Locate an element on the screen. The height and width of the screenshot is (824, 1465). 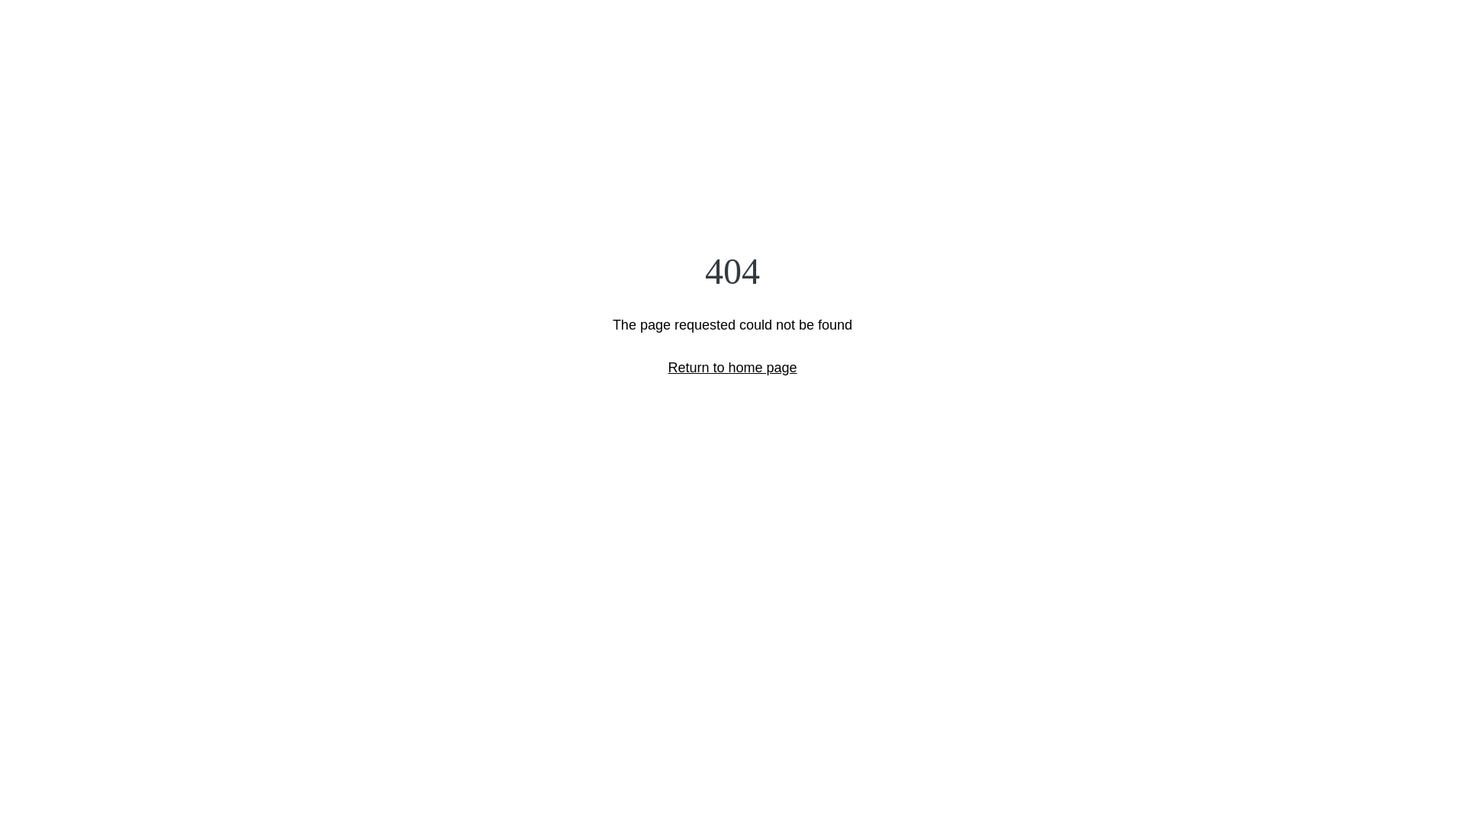
'Return to home page' is located at coordinates (731, 368).